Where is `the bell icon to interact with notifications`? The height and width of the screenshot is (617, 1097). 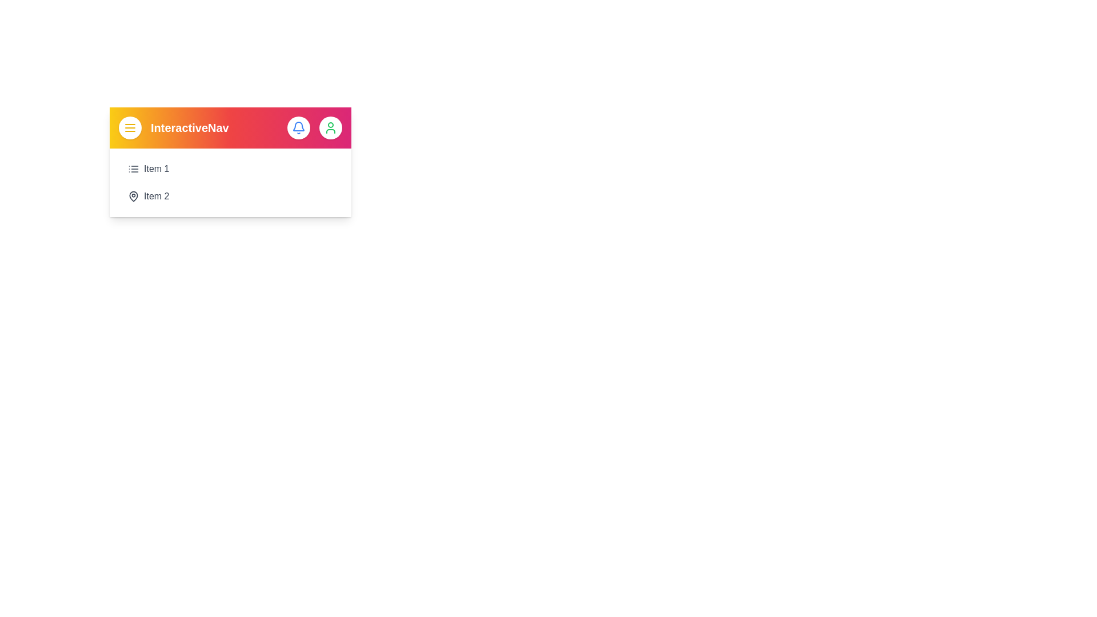 the bell icon to interact with notifications is located at coordinates (299, 127).